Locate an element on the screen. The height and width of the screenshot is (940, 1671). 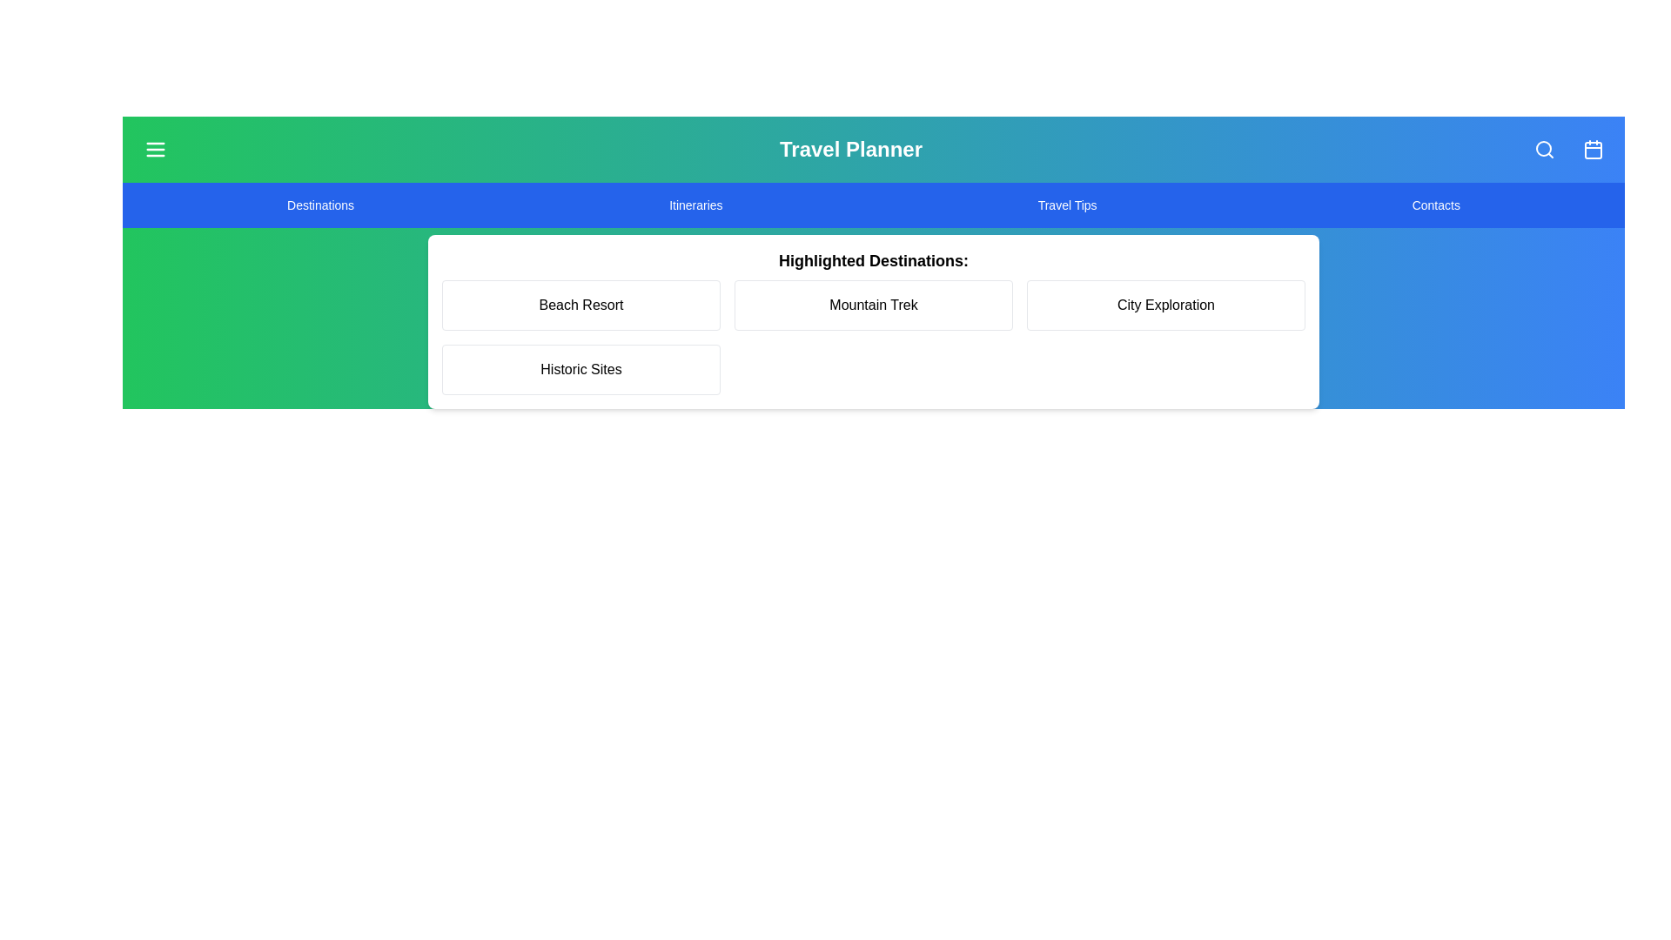
the menu item Destinations to navigate to the corresponding section is located at coordinates (320, 204).